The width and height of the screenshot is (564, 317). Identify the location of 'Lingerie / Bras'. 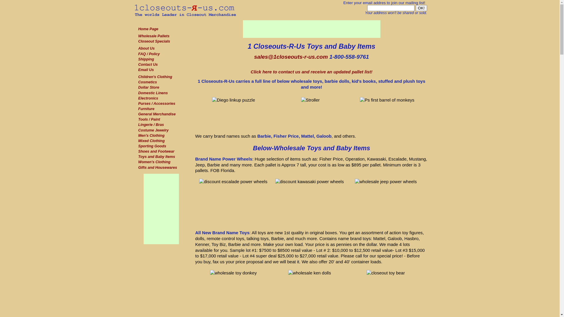
(151, 124).